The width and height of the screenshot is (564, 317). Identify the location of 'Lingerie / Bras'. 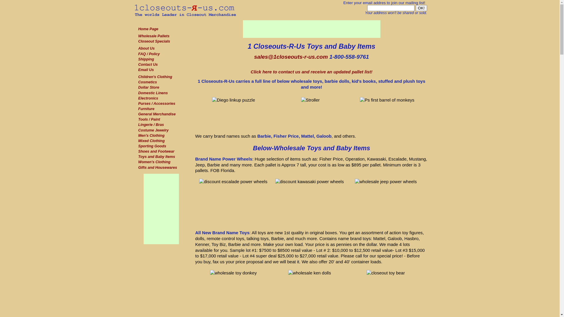
(151, 124).